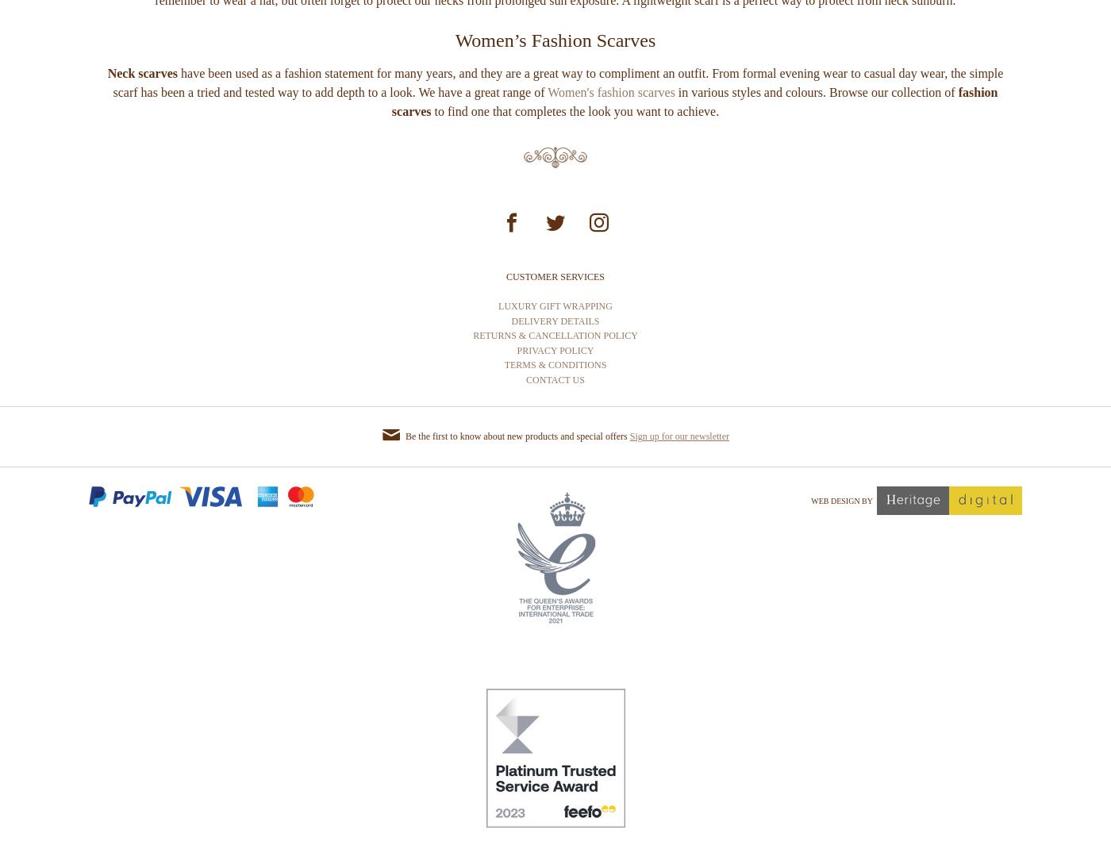  What do you see at coordinates (555, 409) in the screenshot?
I see `'Privacy Policy'` at bounding box center [555, 409].